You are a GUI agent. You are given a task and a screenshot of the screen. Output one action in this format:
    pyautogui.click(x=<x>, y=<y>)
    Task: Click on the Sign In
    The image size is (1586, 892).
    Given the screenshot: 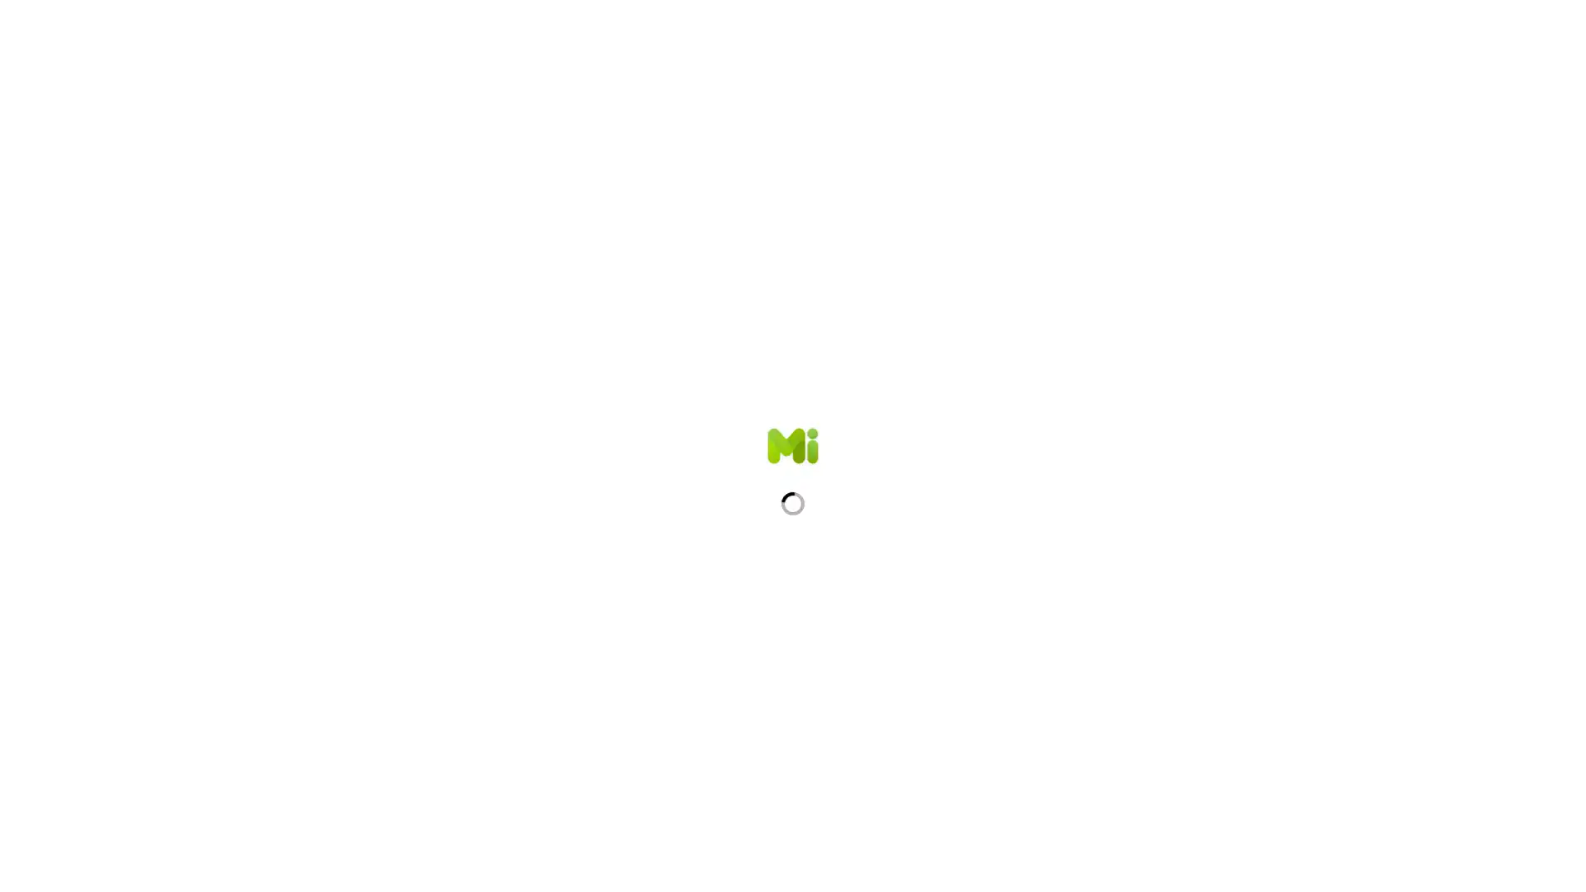 What is the action you would take?
    pyautogui.click(x=205, y=306)
    